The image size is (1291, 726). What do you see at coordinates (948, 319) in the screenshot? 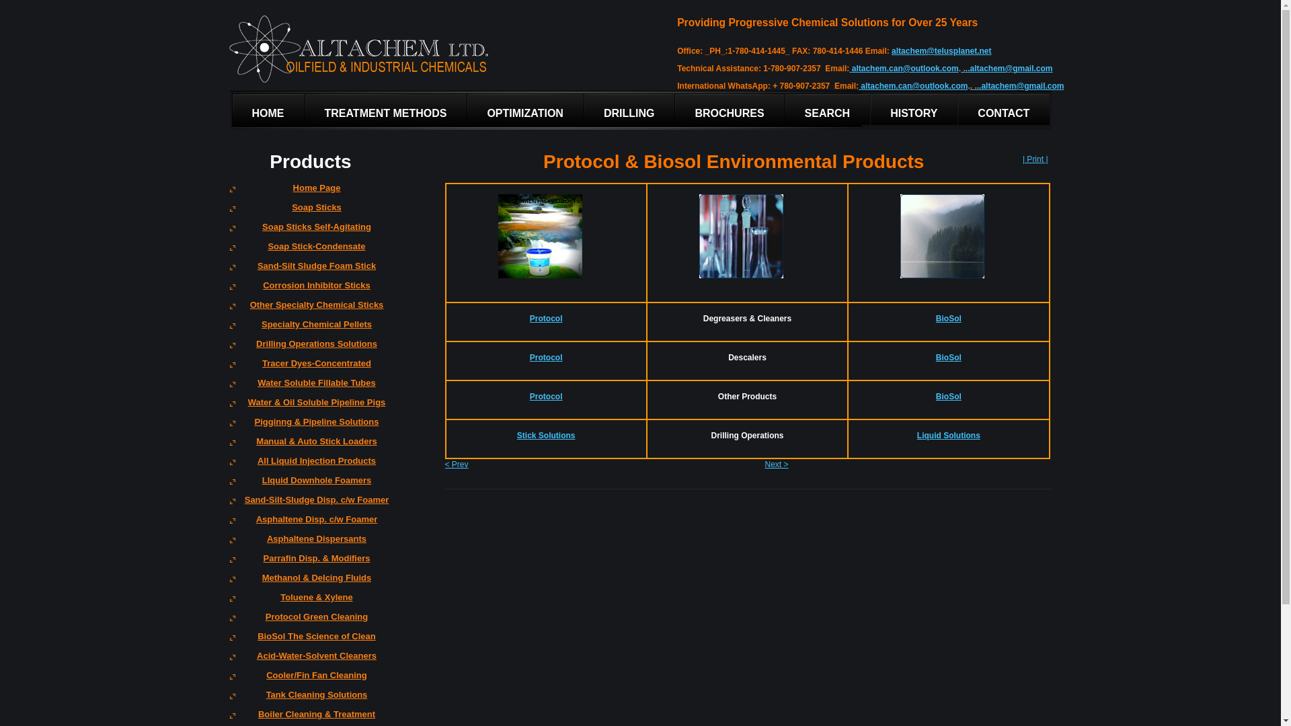
I see `'BioSol'` at bounding box center [948, 319].